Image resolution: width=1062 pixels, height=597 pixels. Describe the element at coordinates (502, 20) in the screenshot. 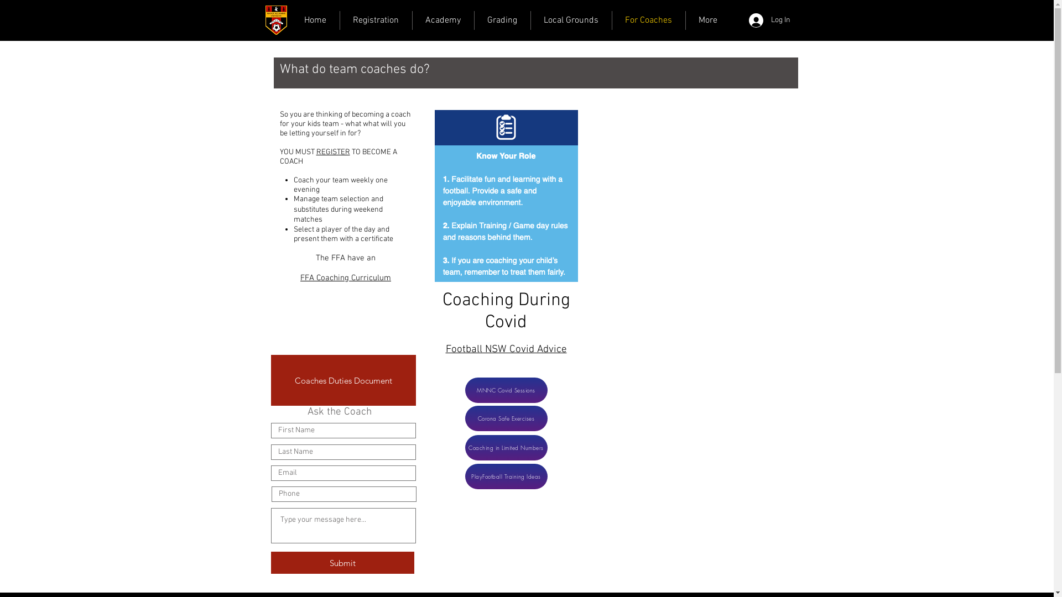

I see `'Grading'` at that location.